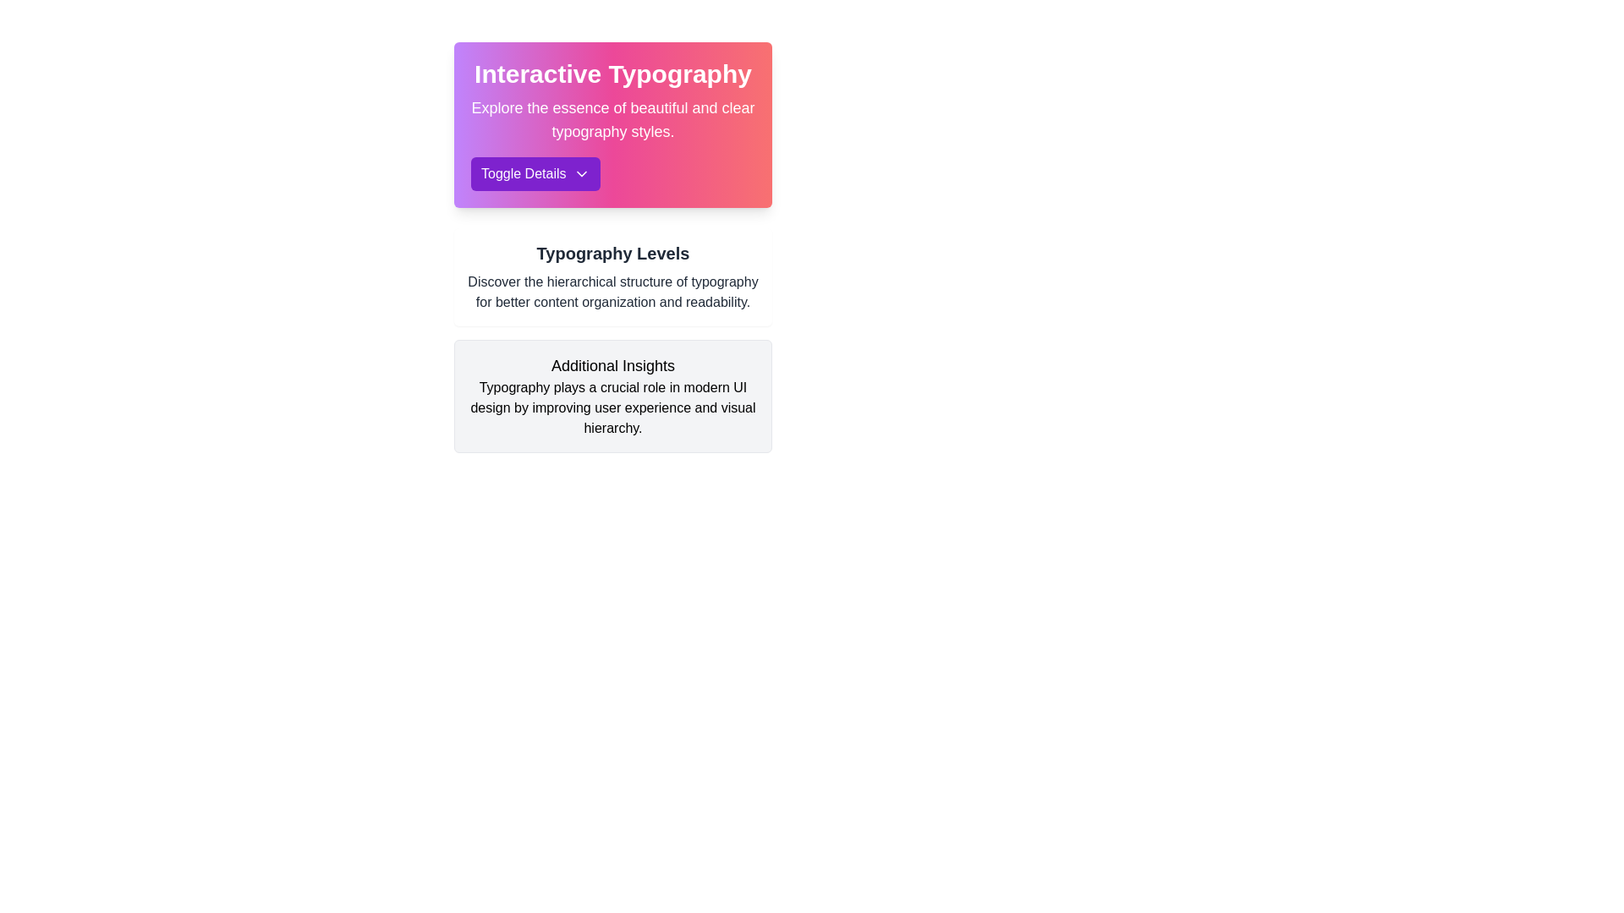 The width and height of the screenshot is (1624, 913). Describe the element at coordinates (612, 119) in the screenshot. I see `the text label containing 'Explore the essence of beautiful and clear typography styles.' which is styled in a large font and positioned below the 'Interactive Typography' heading` at that location.